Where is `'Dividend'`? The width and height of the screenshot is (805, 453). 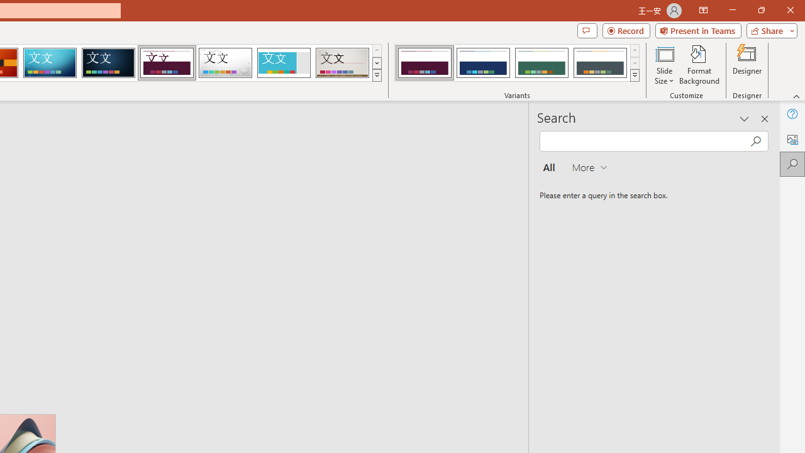
'Dividend' is located at coordinates (166, 63).